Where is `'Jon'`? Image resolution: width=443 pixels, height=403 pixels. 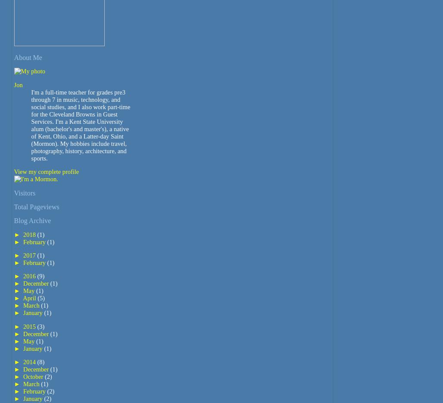 'Jon' is located at coordinates (18, 84).